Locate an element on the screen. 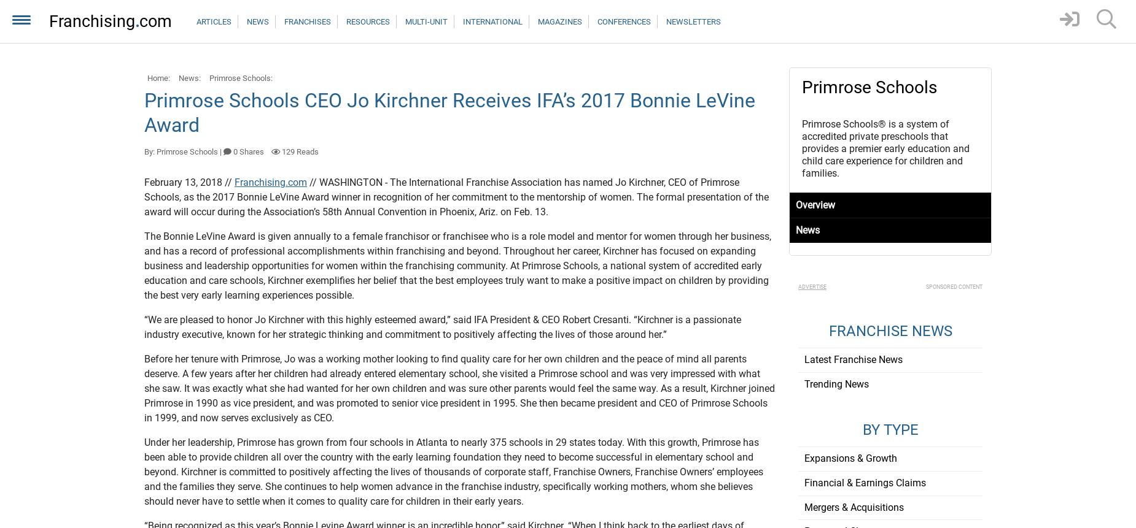  'Primrose Schools CEO Jo Kirchner Receives IFA’s 2017 Bonnie LeVine Award' is located at coordinates (449, 112).